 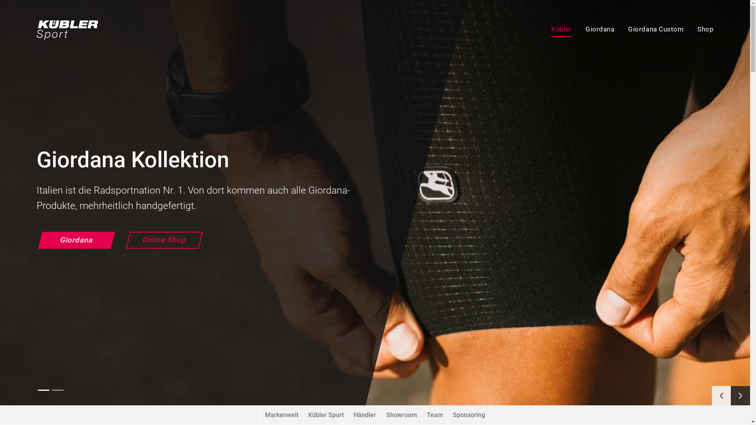 I want to click on 'Online Shop', so click(x=125, y=240).